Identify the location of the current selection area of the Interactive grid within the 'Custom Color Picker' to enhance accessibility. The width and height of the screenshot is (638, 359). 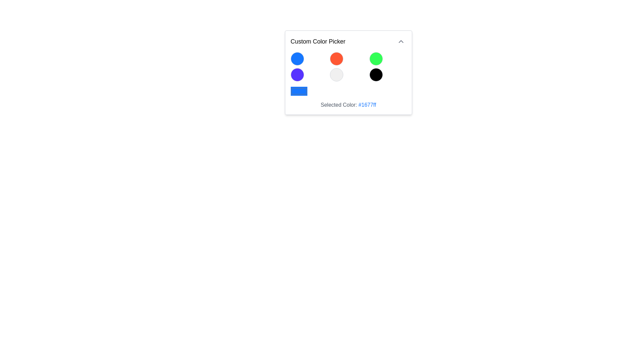
(348, 80).